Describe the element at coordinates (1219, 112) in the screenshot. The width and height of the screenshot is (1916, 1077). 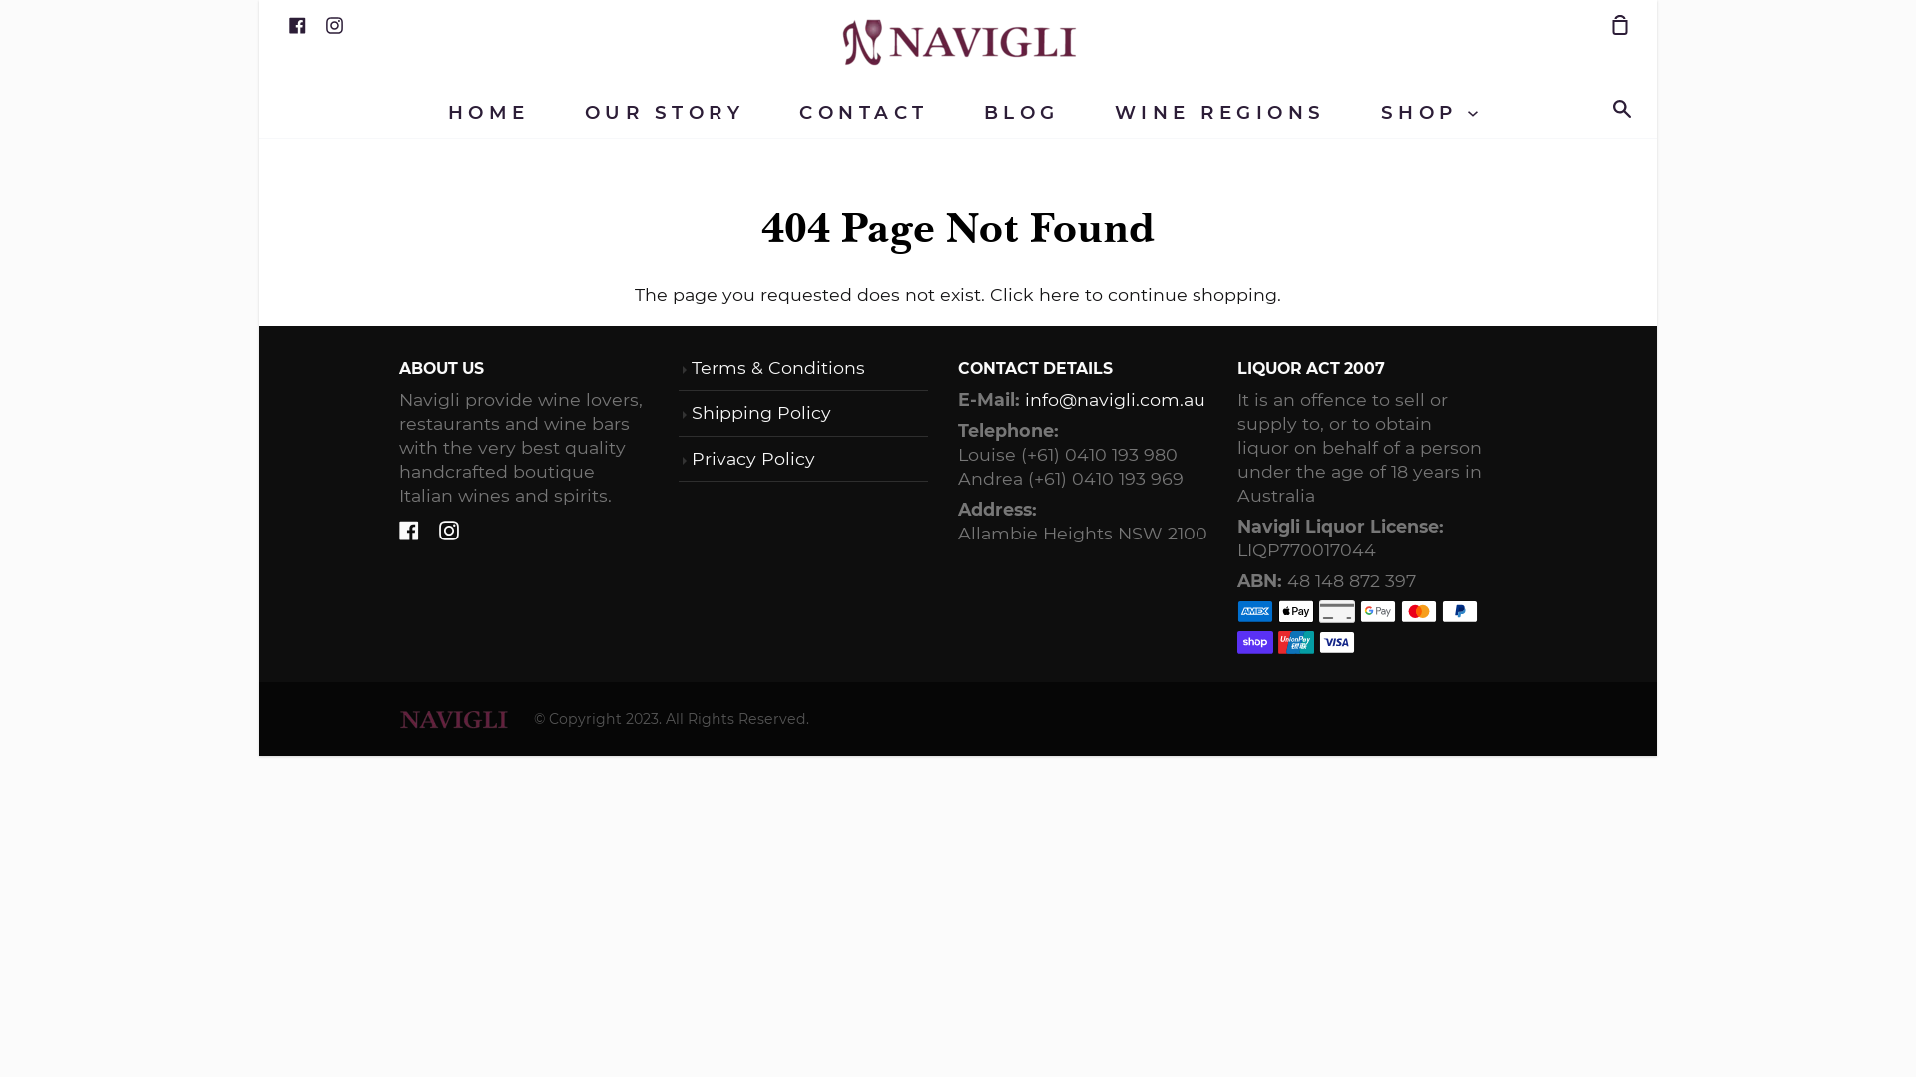
I see `'WINE REGIONS'` at that location.